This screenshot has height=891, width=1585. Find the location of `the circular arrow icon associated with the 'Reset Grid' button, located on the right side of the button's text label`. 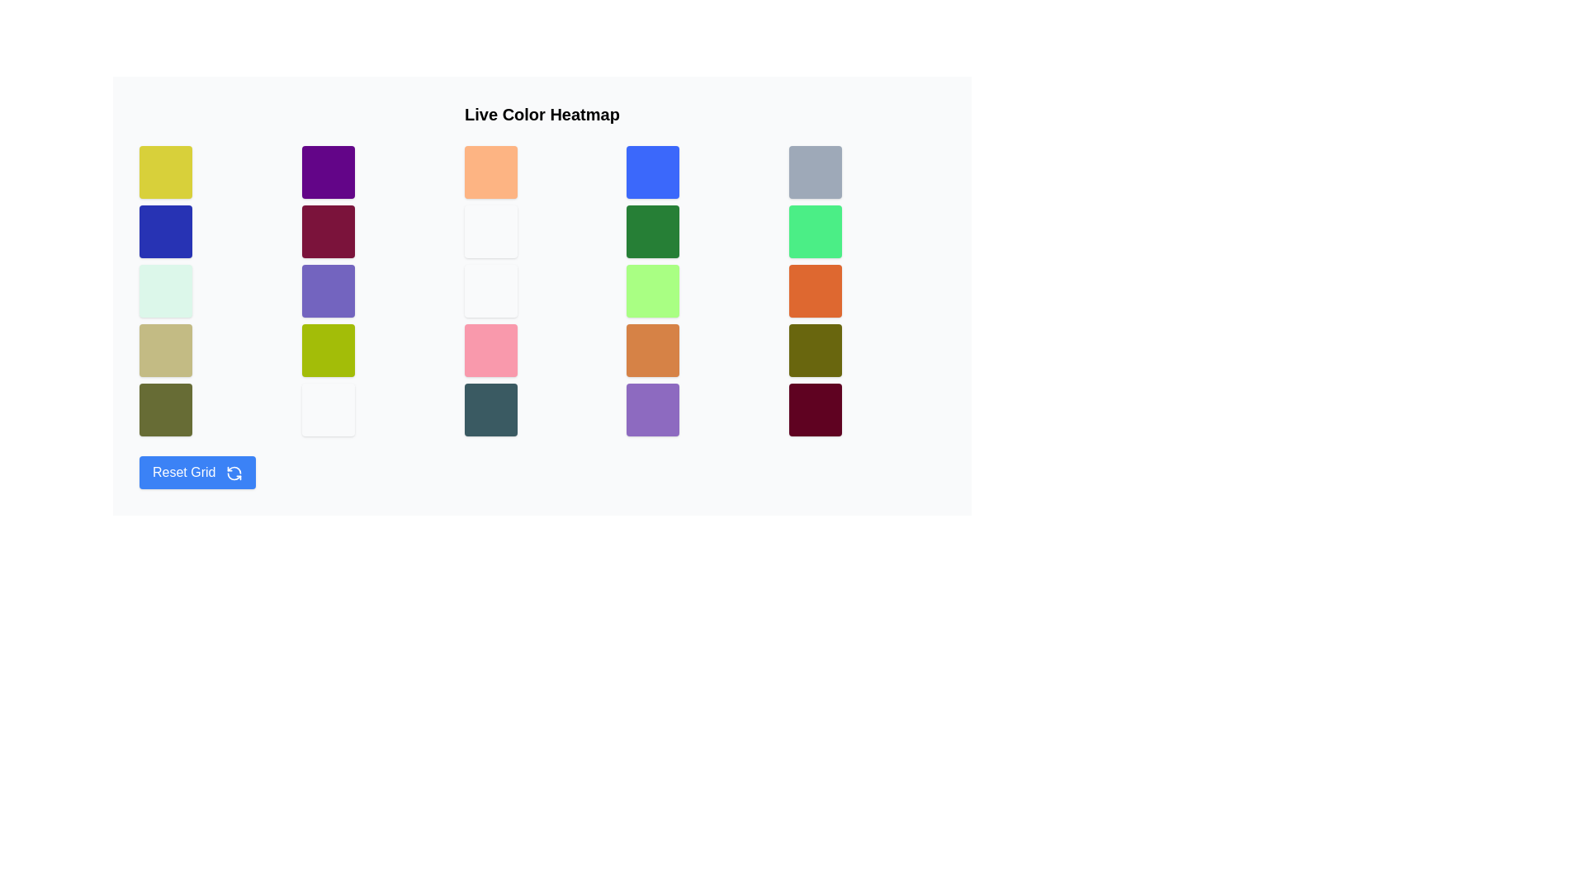

the circular arrow icon associated with the 'Reset Grid' button, located on the right side of the button's text label is located at coordinates (233, 473).